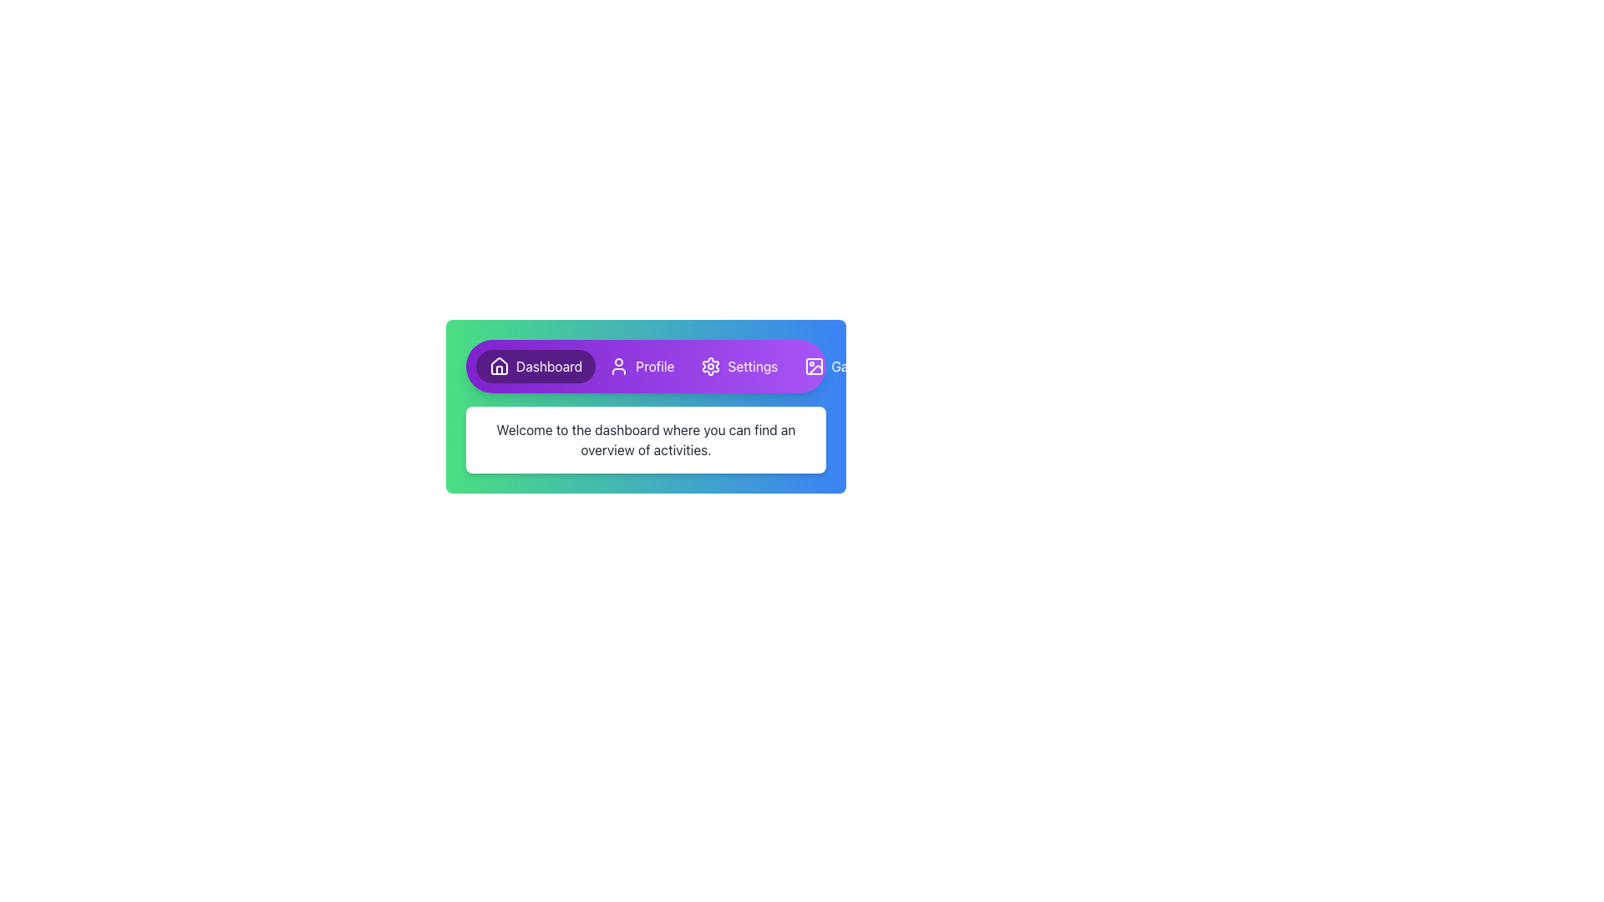  What do you see at coordinates (815, 366) in the screenshot?
I see `the decorative SVG rectangle located towards the top-right of the interface, which is part of an icon representing an image or picture` at bounding box center [815, 366].